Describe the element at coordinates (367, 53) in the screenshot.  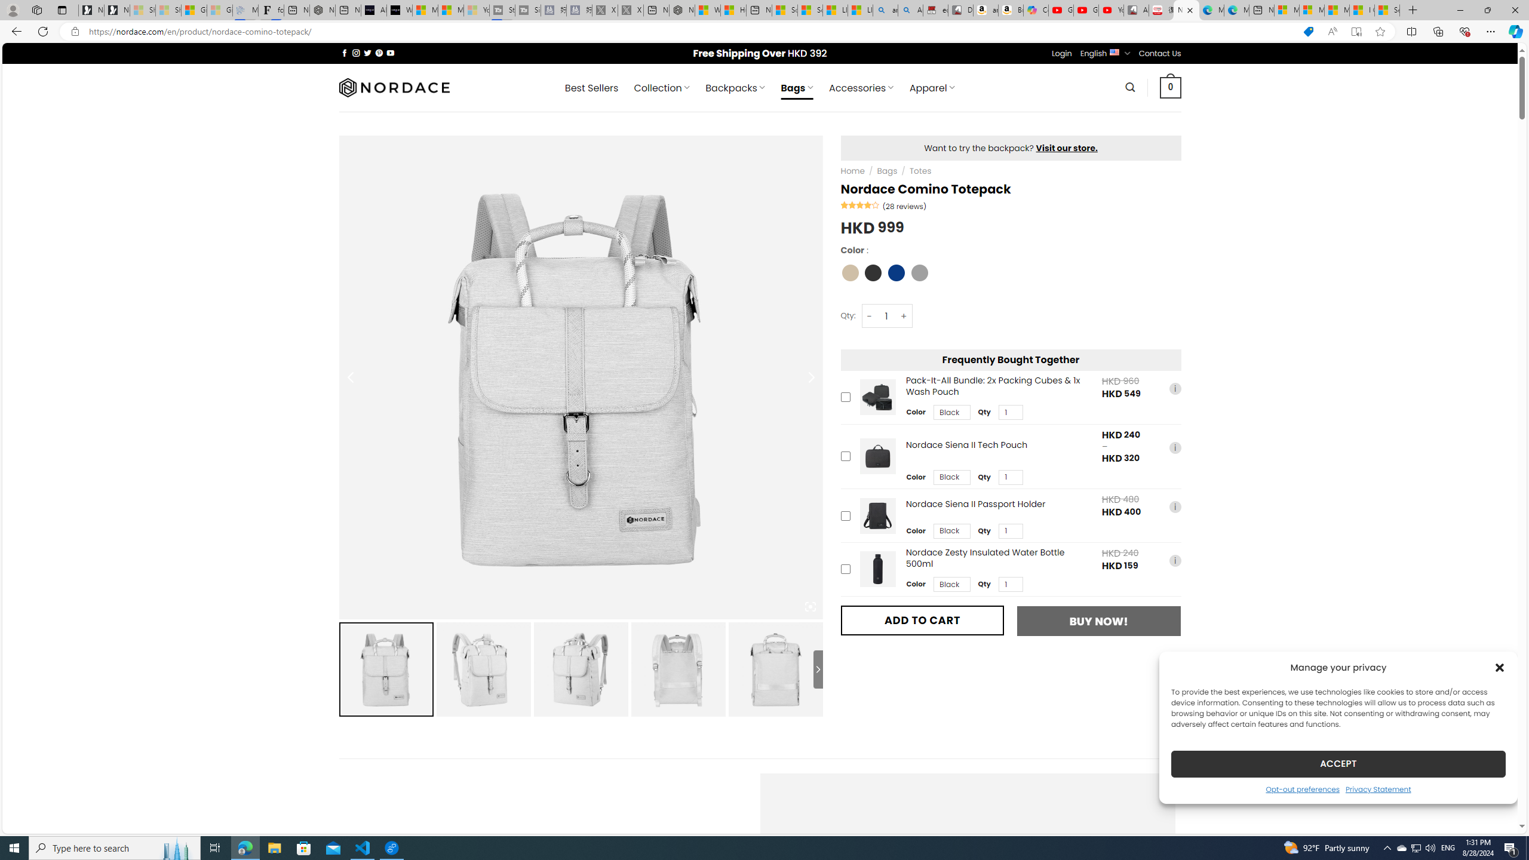
I see `'Follow on Twitter'` at that location.